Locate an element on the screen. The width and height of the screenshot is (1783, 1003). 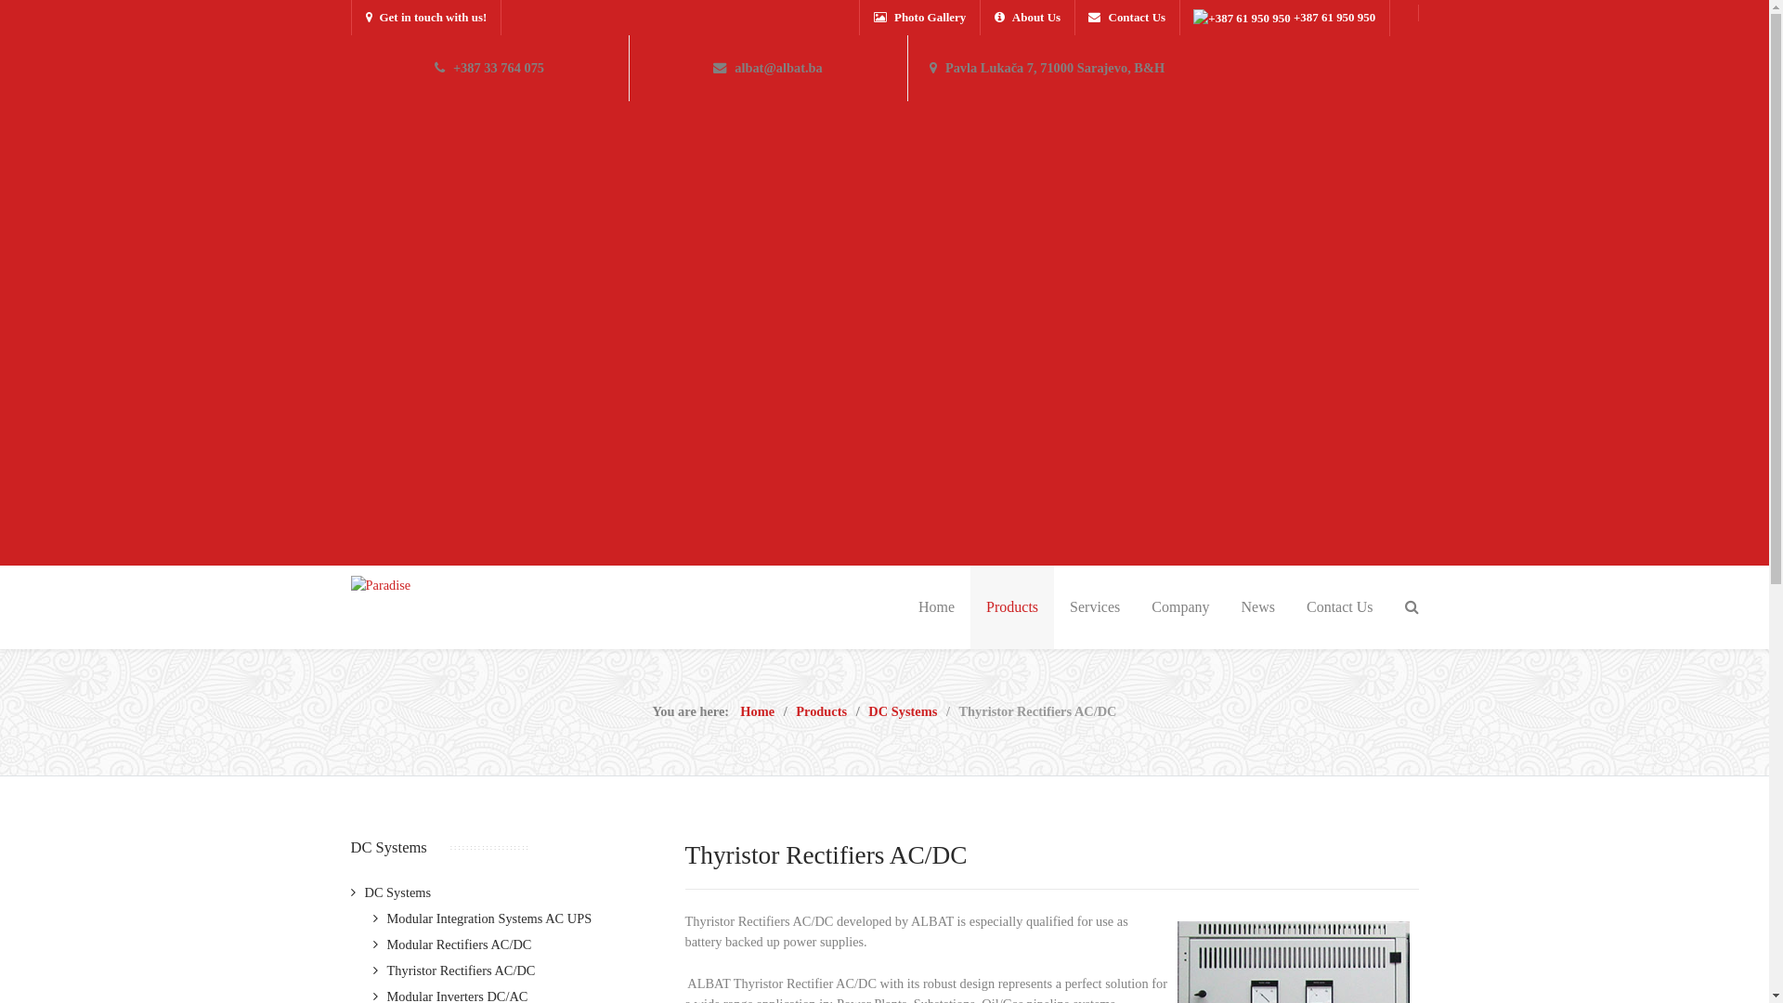
'Modular Rectifiers AC/DC' is located at coordinates (452, 944).